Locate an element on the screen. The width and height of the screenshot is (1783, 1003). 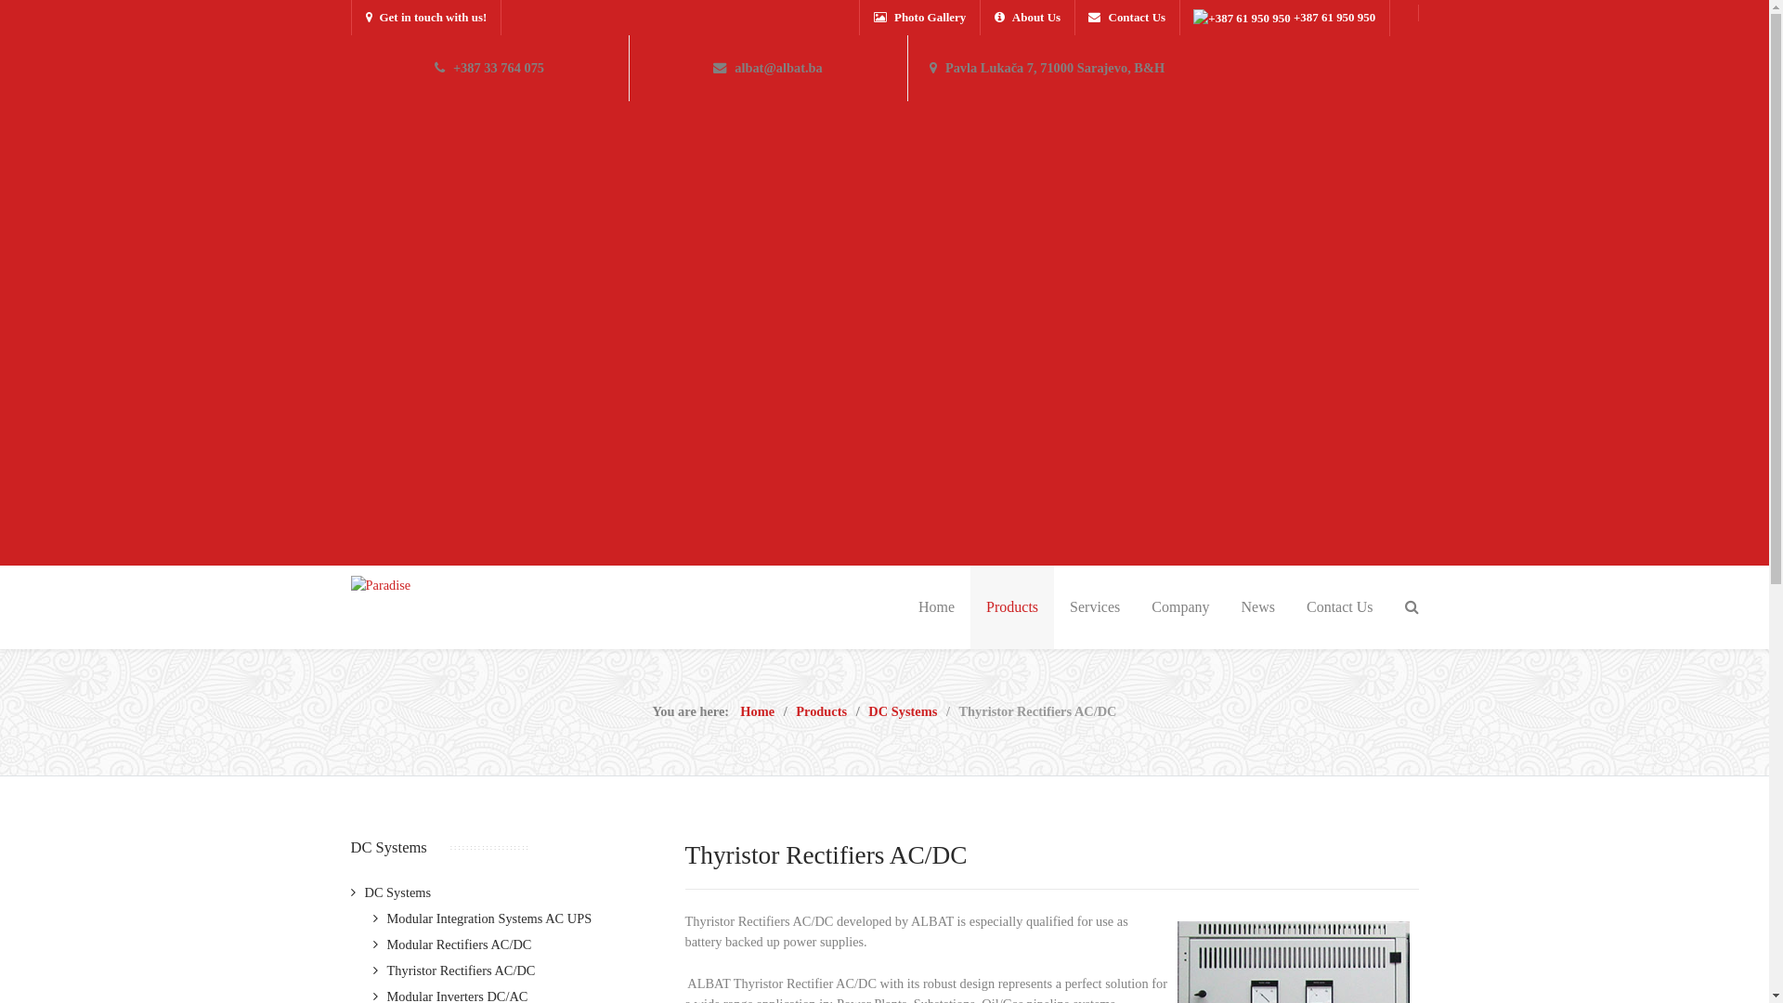
'Modular Rectifiers AC/DC' is located at coordinates (452, 944).